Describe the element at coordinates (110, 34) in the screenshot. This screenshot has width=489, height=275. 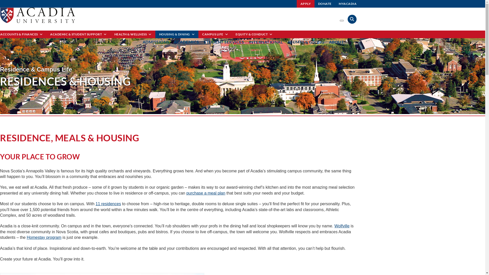
I see `'HEALTH & WELLNESS'` at that location.